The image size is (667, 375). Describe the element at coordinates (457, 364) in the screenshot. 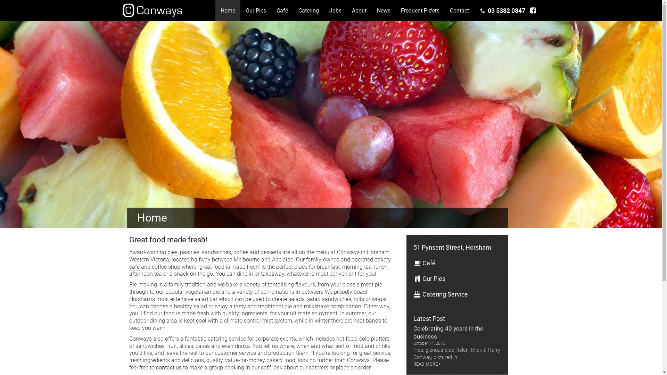

I see `'READ MORE'` at that location.